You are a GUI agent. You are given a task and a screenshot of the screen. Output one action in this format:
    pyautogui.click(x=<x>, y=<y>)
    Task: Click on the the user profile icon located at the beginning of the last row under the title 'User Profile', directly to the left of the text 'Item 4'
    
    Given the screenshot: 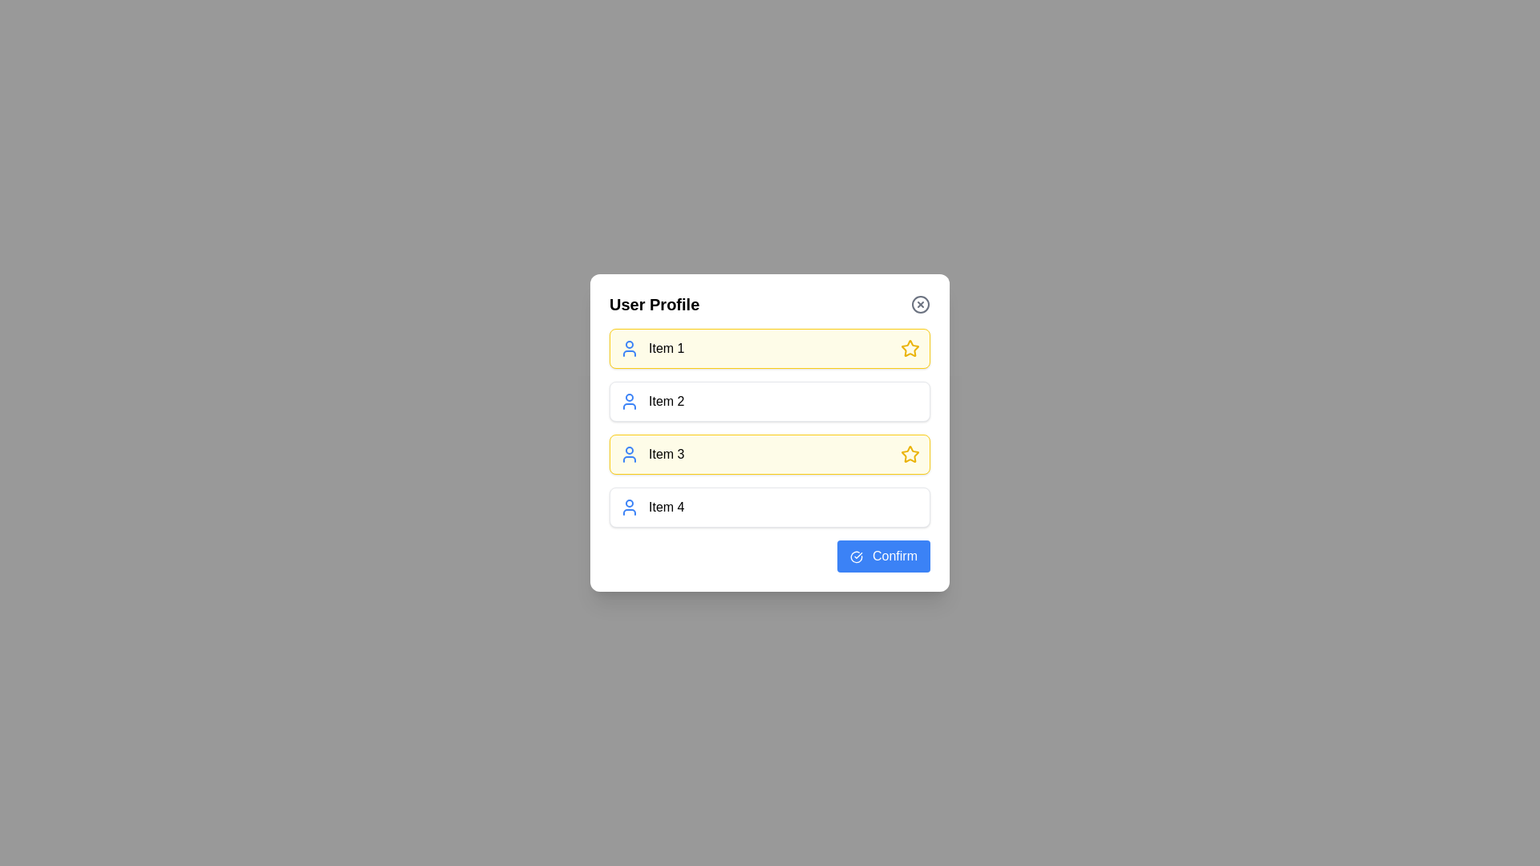 What is the action you would take?
    pyautogui.click(x=629, y=507)
    